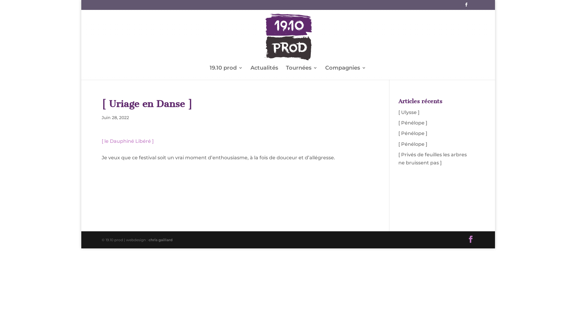 Image resolution: width=576 pixels, height=324 pixels. Describe the element at coordinates (160, 239) in the screenshot. I see `'chris gaillard'` at that location.